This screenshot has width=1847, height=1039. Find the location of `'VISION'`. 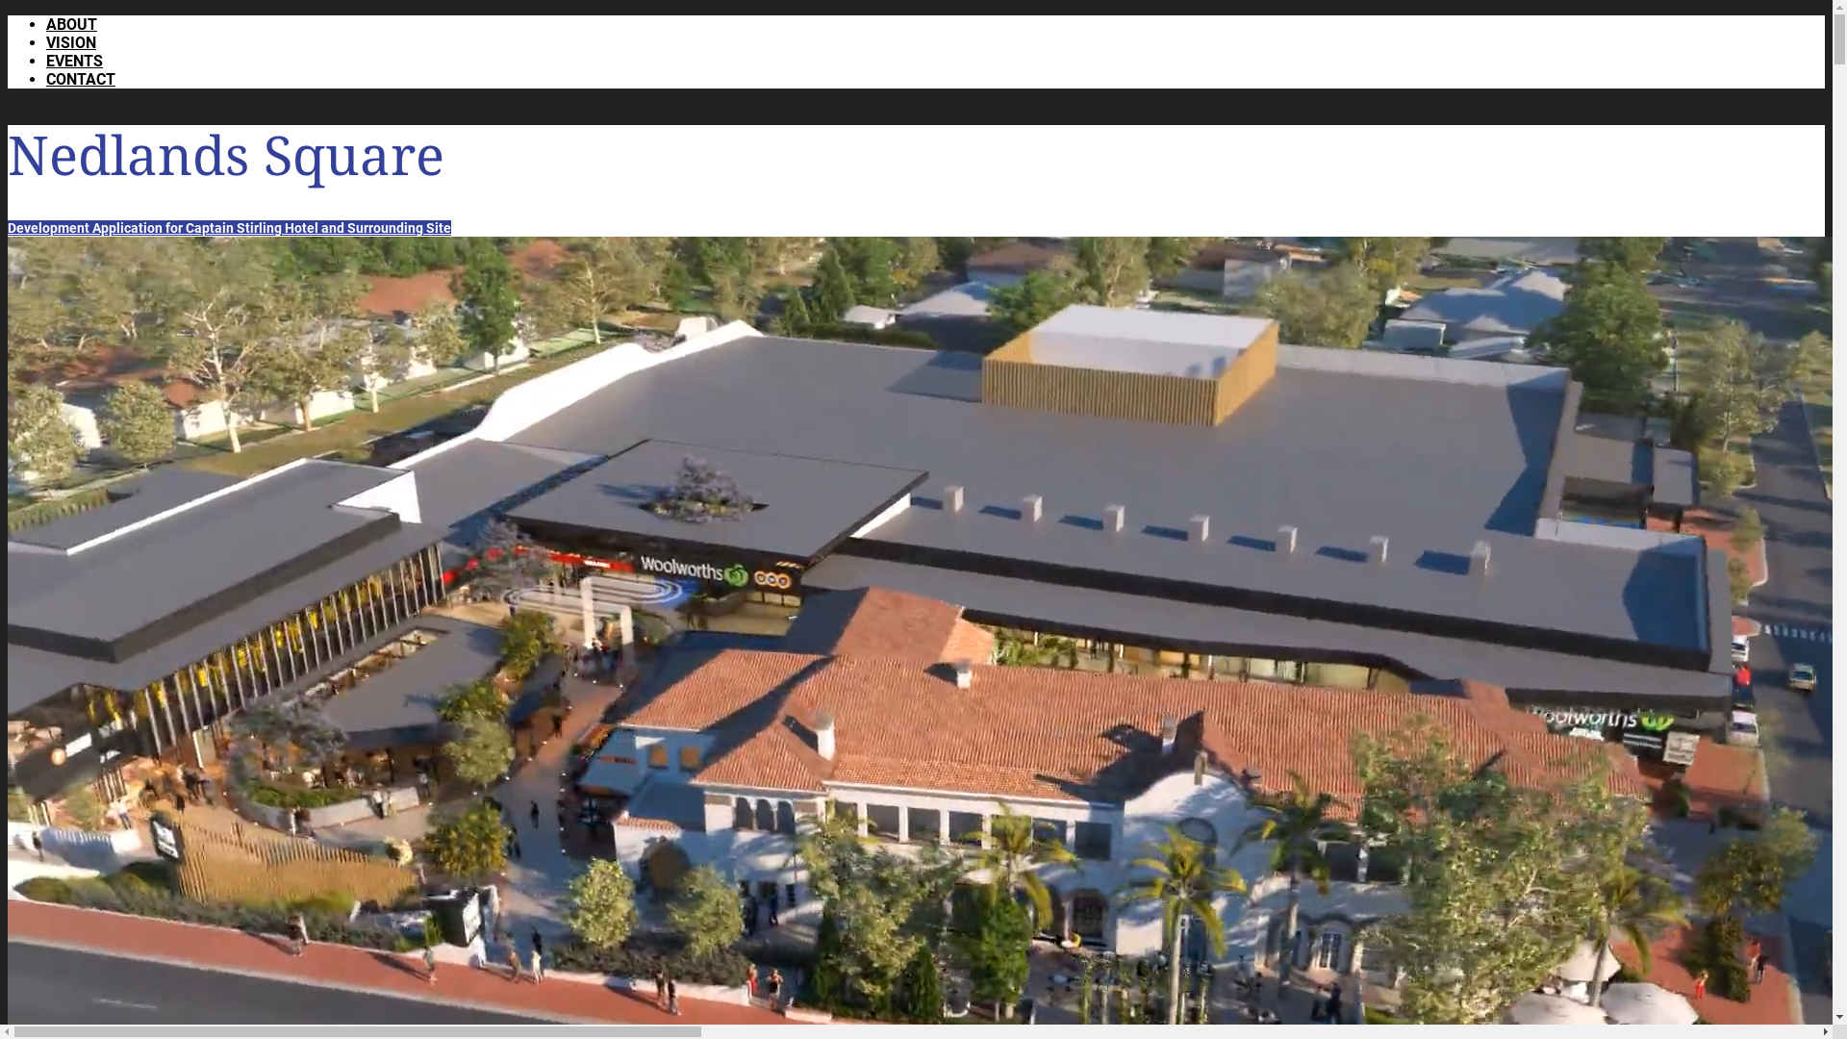

'VISION' is located at coordinates (70, 42).